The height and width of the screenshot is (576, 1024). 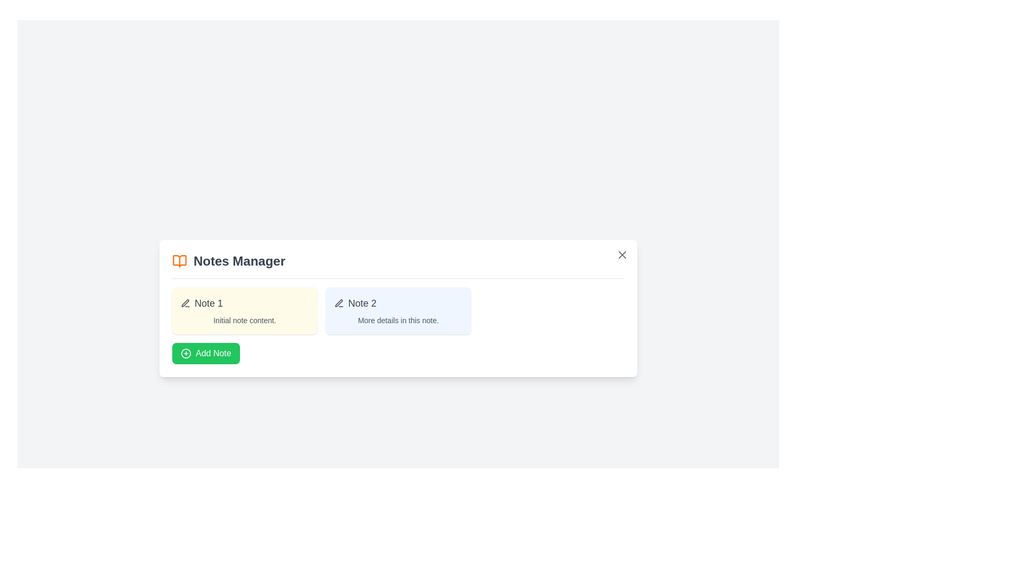 I want to click on the title or icon of a note to open it for editing. Use the parameter Note 2 to specify the note to interact with, so click(x=398, y=303).